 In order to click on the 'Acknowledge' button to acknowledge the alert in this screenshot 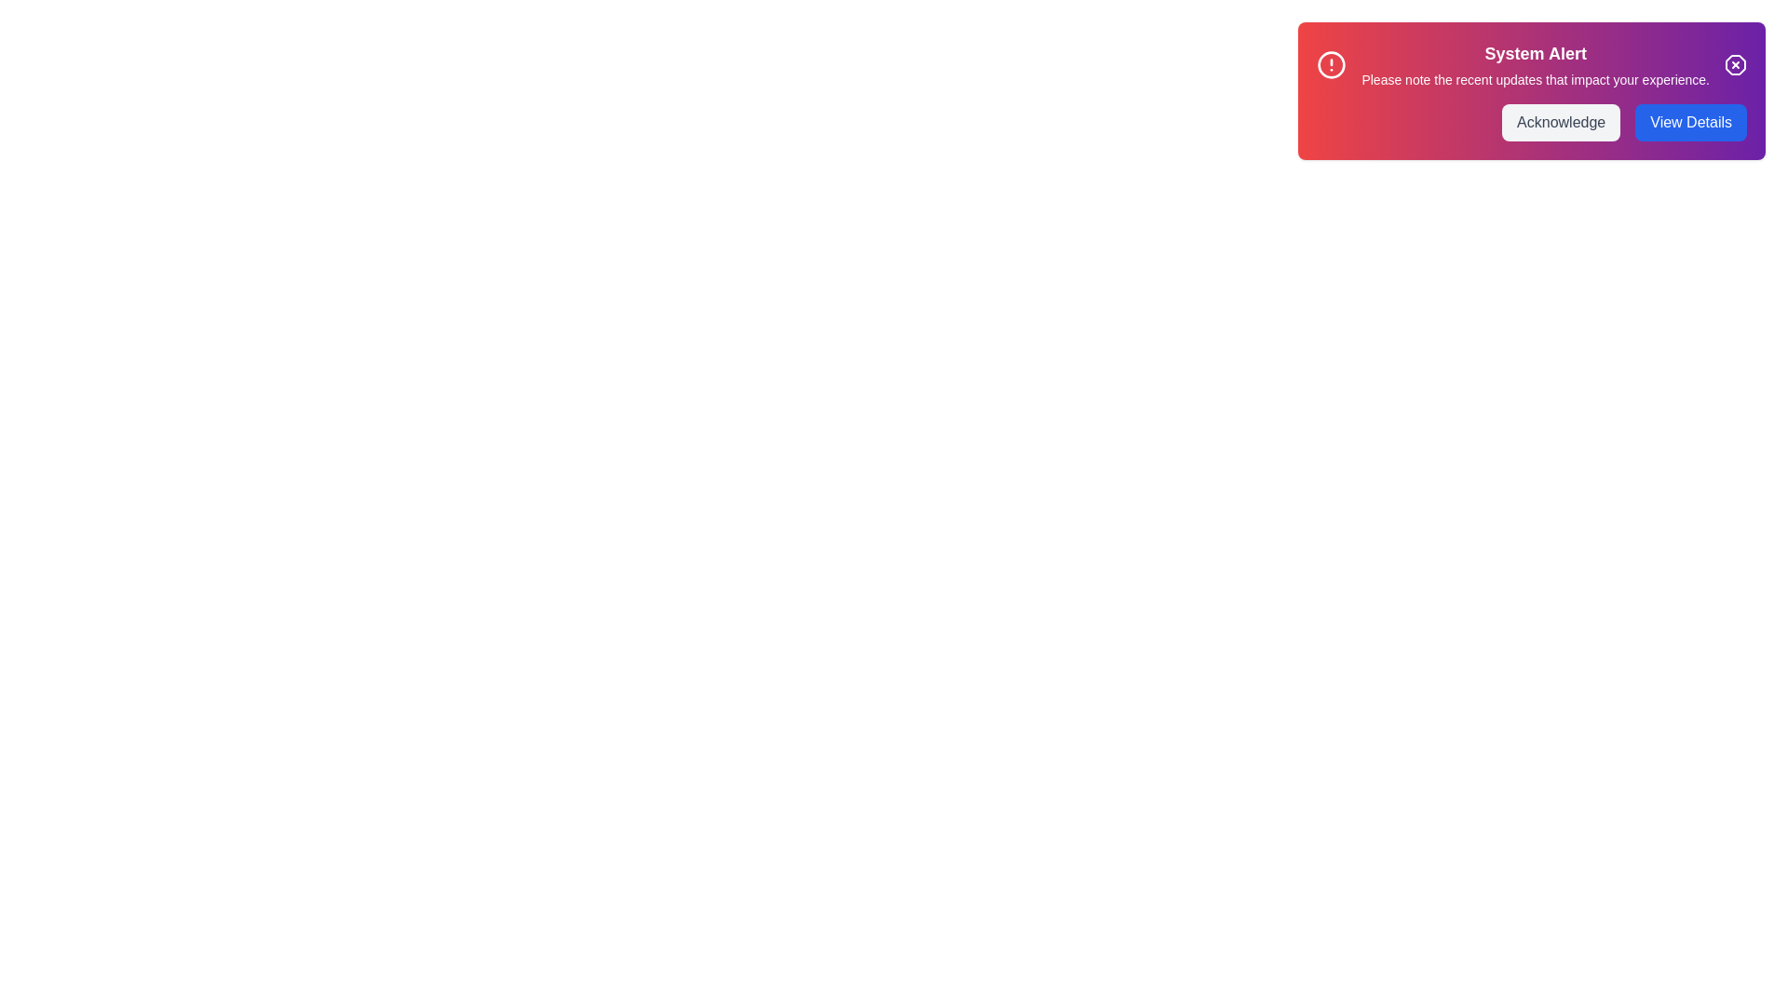, I will do `click(1561, 122)`.